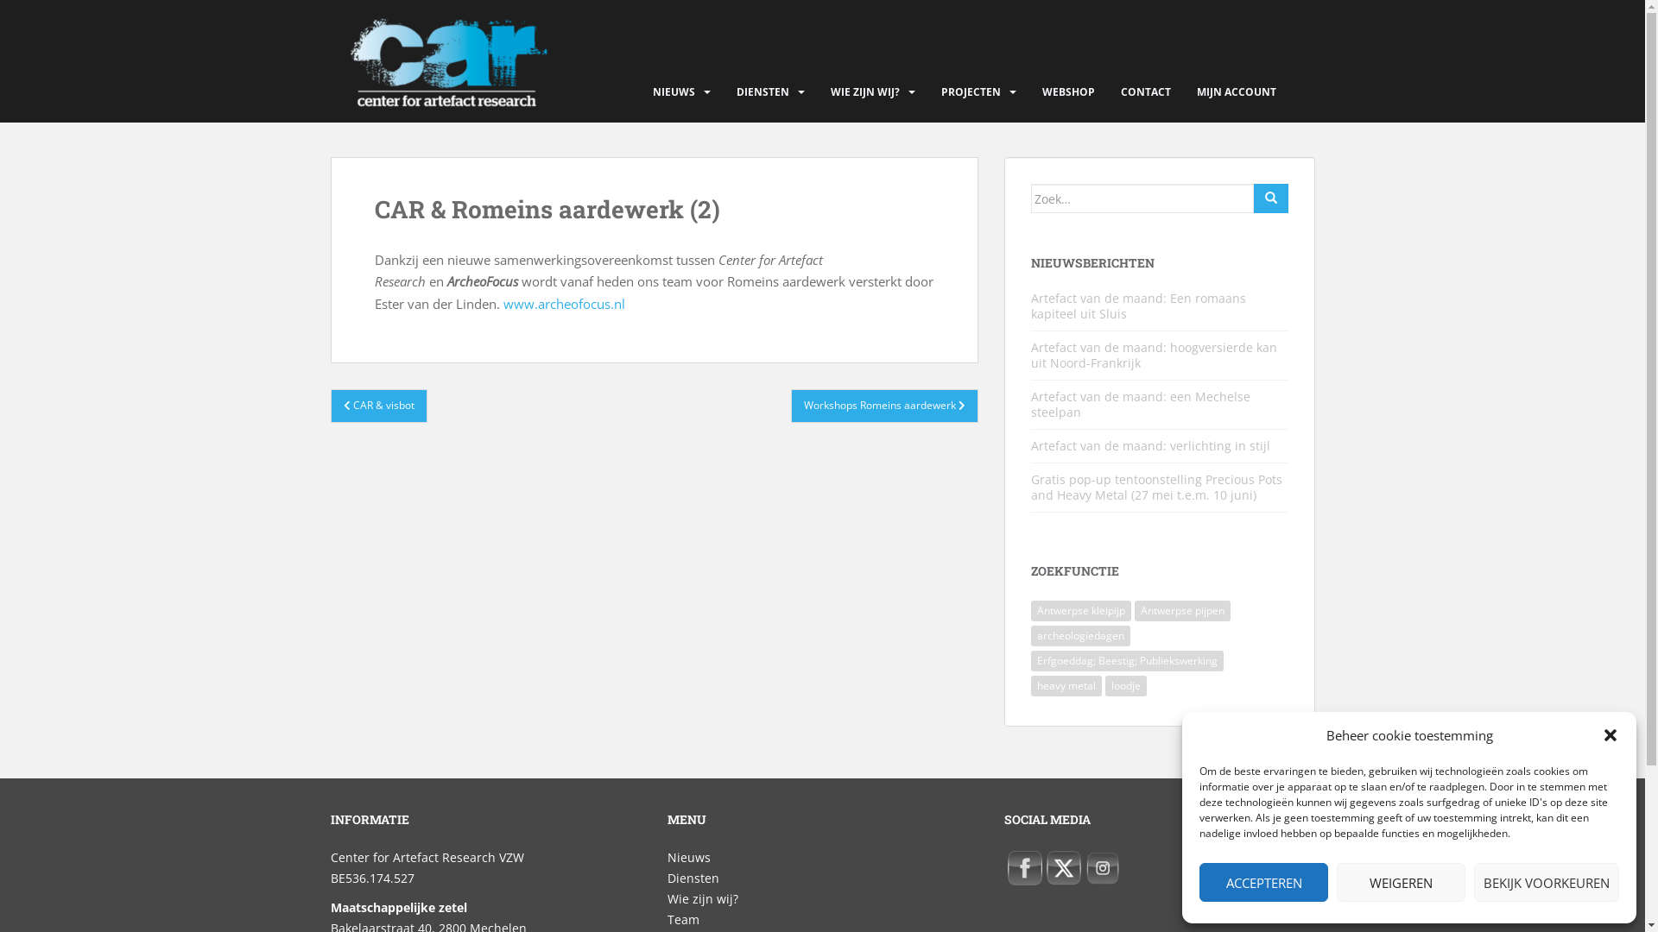  I want to click on 'PROJECTEN', so click(971, 92).